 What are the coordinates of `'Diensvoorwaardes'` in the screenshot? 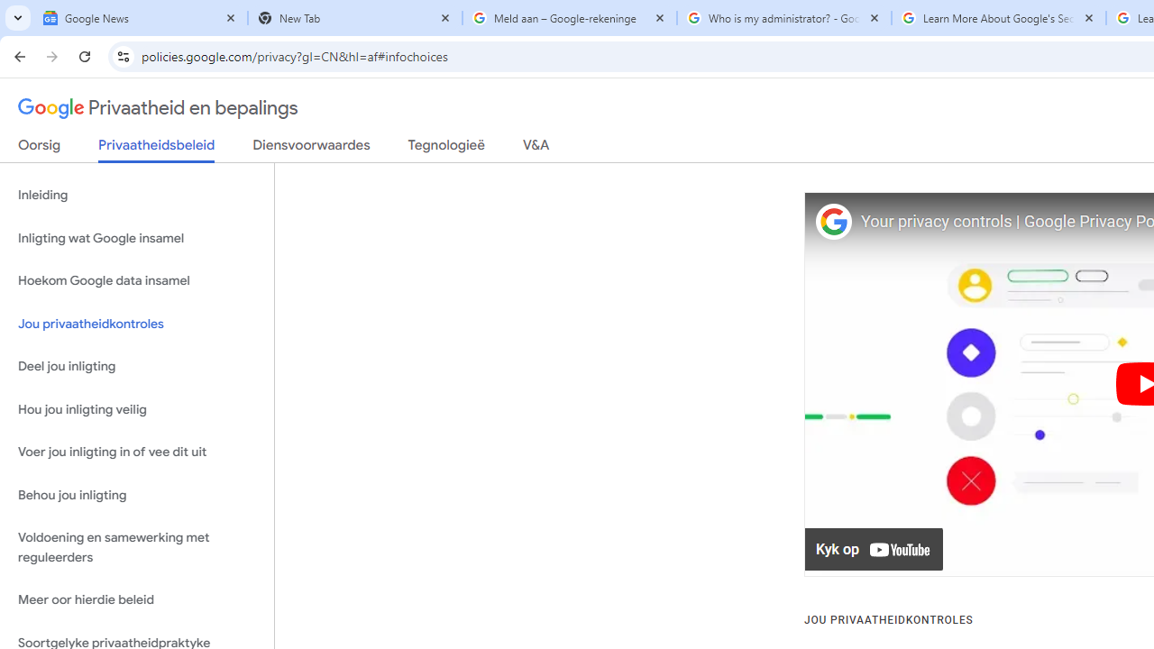 It's located at (311, 148).